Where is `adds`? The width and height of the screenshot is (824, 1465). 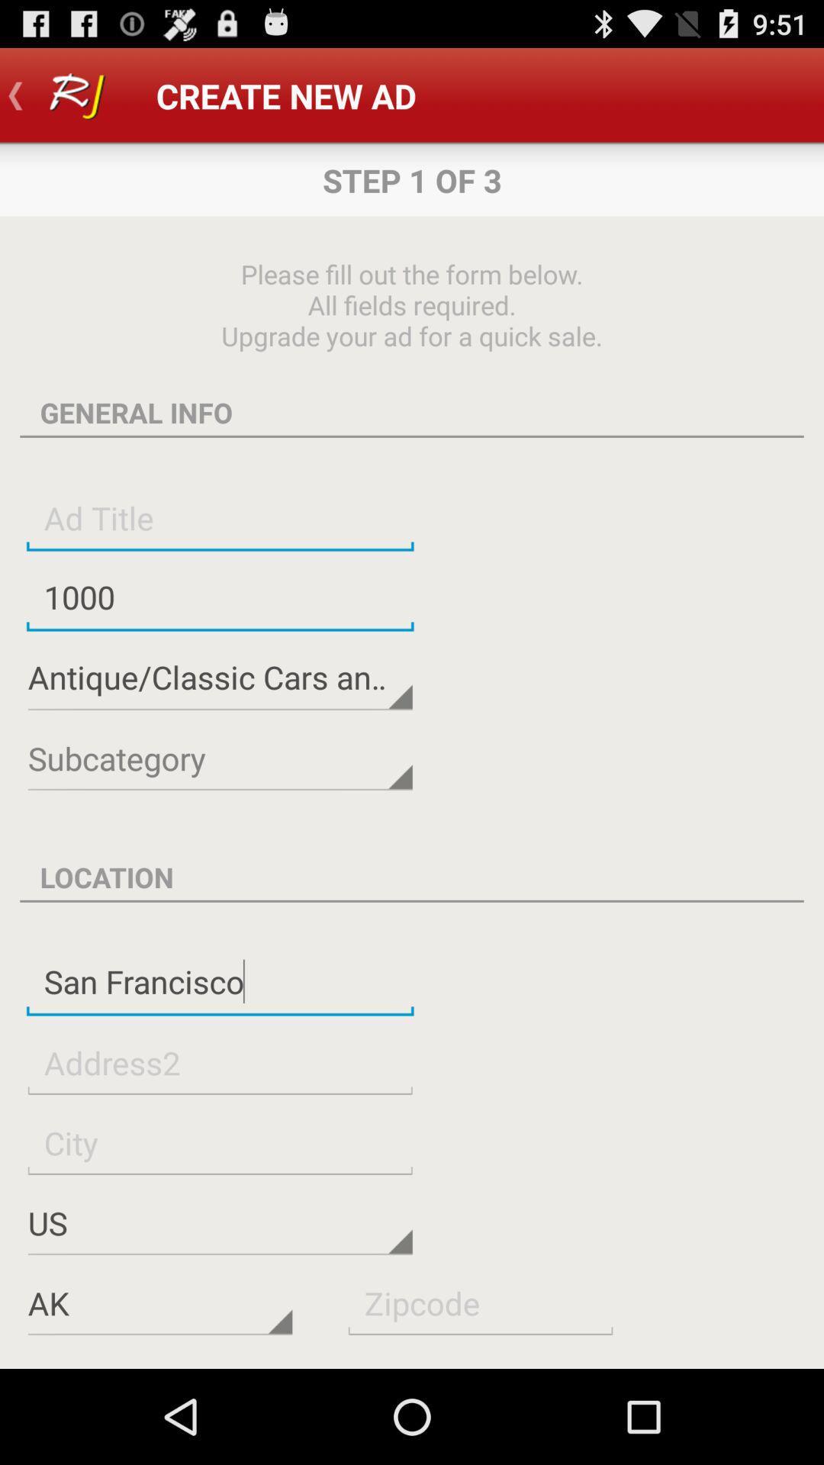 adds is located at coordinates (479, 1302).